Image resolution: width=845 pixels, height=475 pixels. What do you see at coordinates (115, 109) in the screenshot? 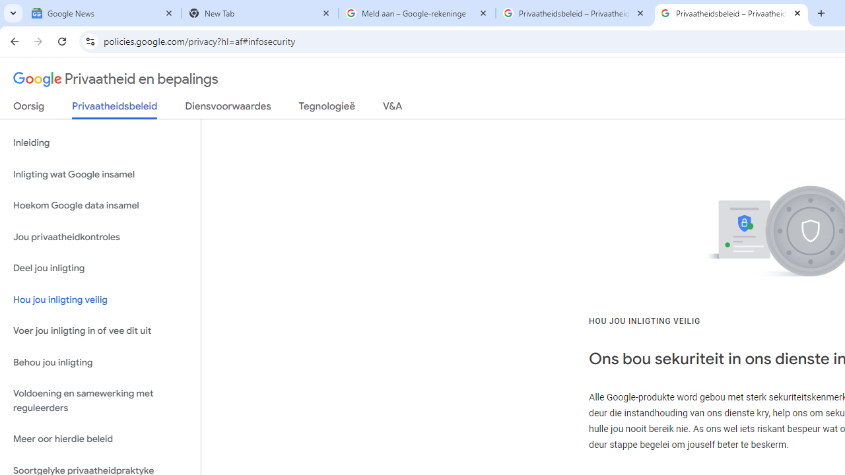
I see `'Privaatheidsbeleid'` at bounding box center [115, 109].